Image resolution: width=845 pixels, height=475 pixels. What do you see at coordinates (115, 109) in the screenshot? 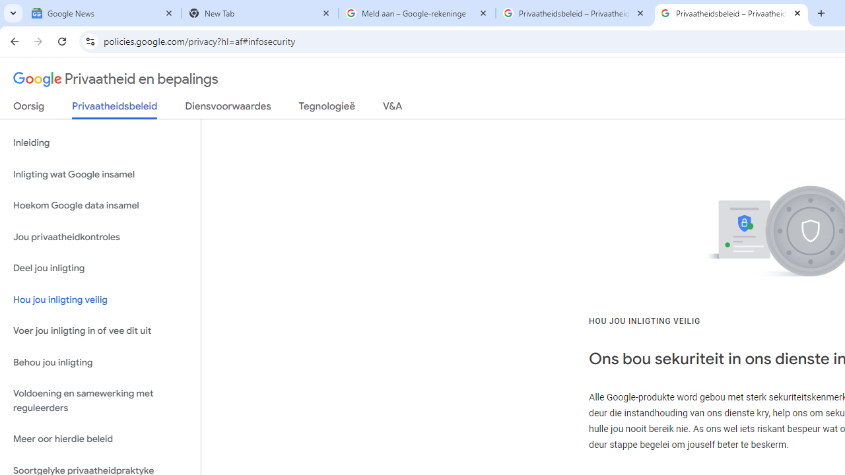
I see `'Privaatheidsbeleid'` at bounding box center [115, 109].